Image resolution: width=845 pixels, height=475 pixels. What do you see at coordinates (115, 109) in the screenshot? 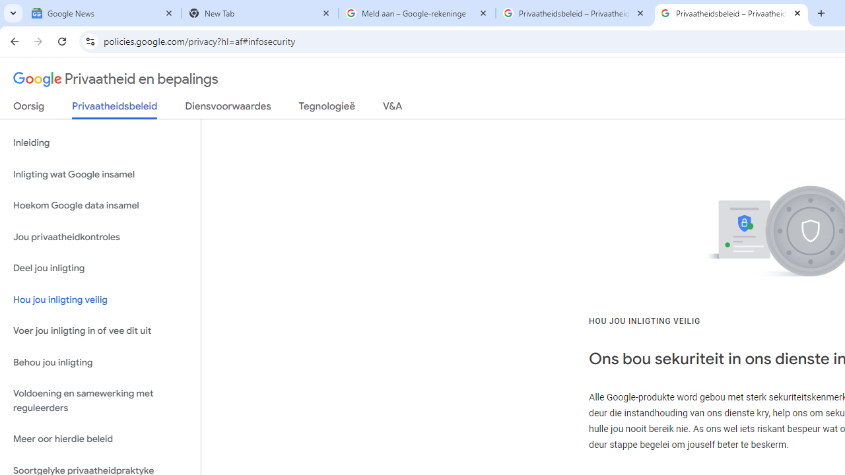
I see `'Privaatheidsbeleid'` at bounding box center [115, 109].